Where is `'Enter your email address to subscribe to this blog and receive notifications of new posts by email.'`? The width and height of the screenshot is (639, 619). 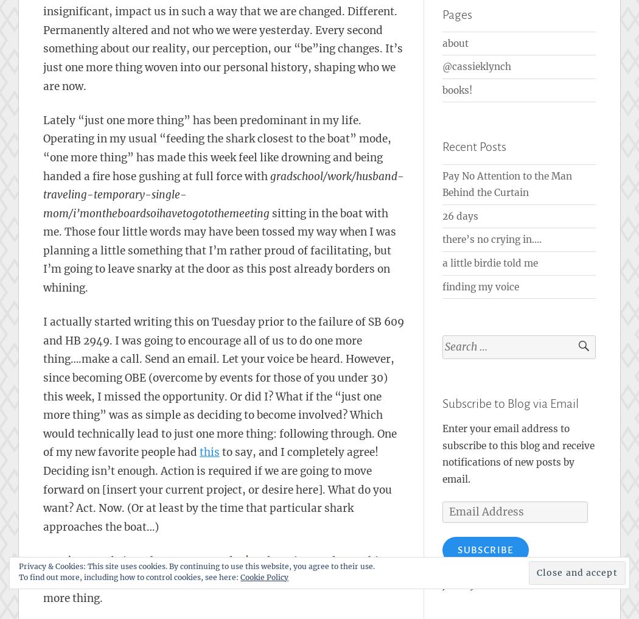
'Enter your email address to subscribe to this blog and receive notifications of new posts by email.' is located at coordinates (518, 453).